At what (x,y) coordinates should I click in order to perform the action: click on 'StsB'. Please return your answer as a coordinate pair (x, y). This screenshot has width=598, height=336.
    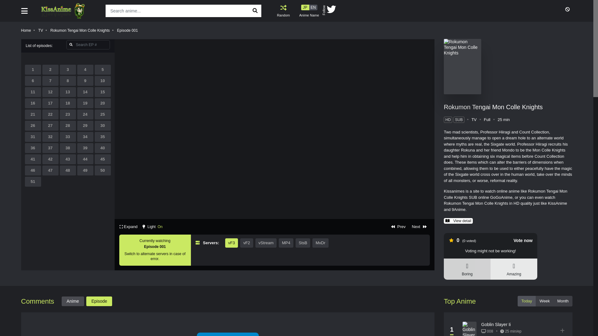
    Looking at the image, I should click on (303, 242).